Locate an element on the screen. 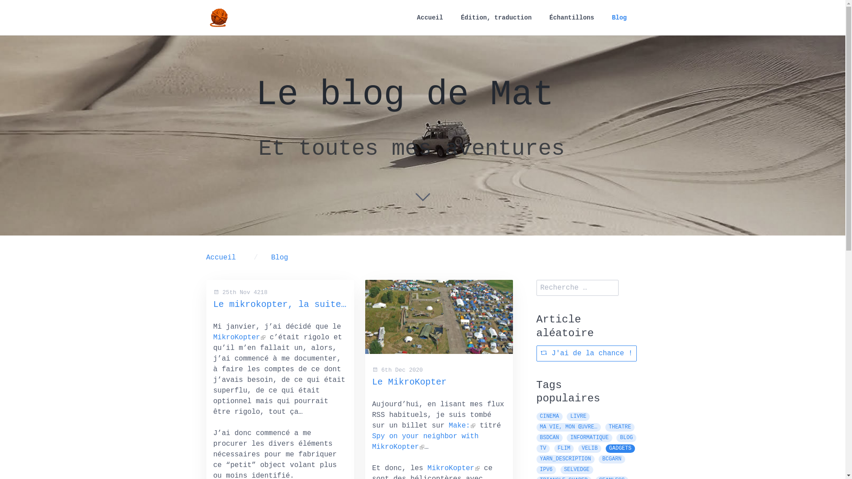 This screenshot has height=479, width=852. 'VELIB' is located at coordinates (590, 448).